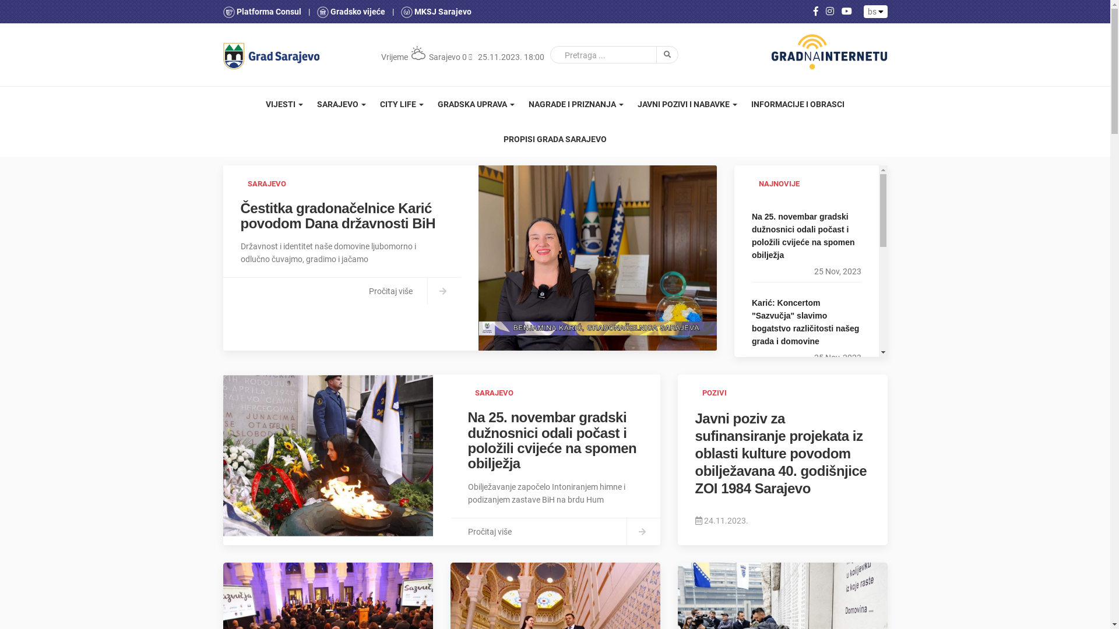 This screenshot has width=1119, height=629. I want to click on 'bs', so click(875, 11).